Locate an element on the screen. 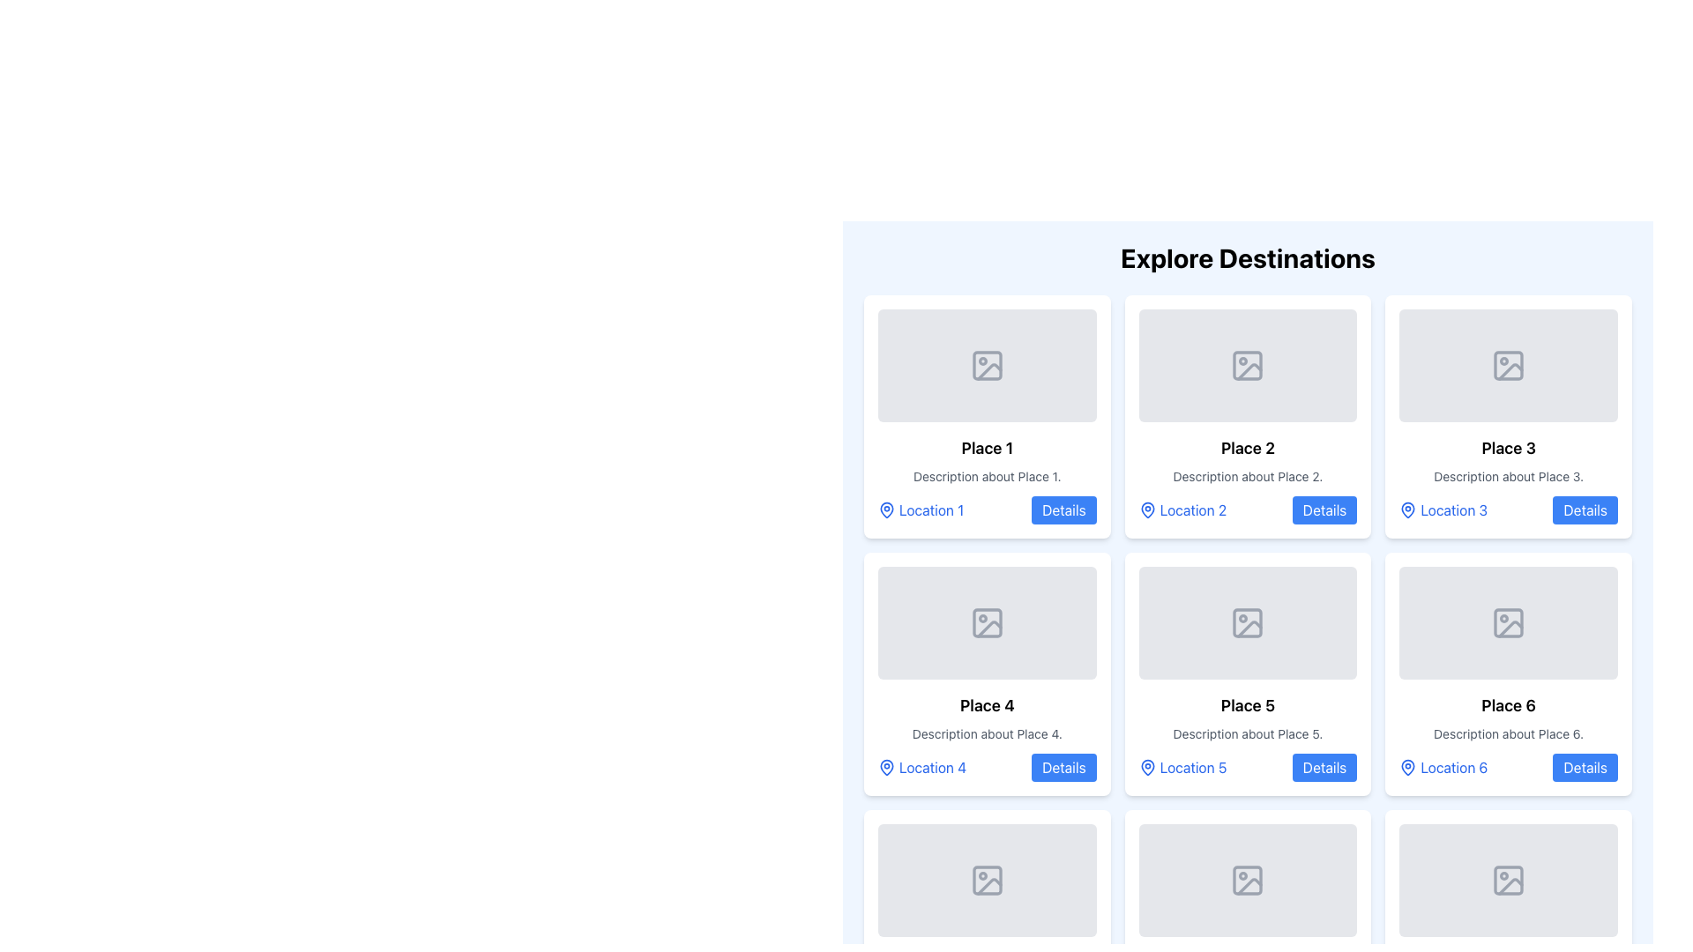 The height and width of the screenshot is (952, 1693). the heart-like vector shape with a blue stroke and white fill, representing a location pin within the Place 1 card in the Explore Destinations section is located at coordinates (887, 509).